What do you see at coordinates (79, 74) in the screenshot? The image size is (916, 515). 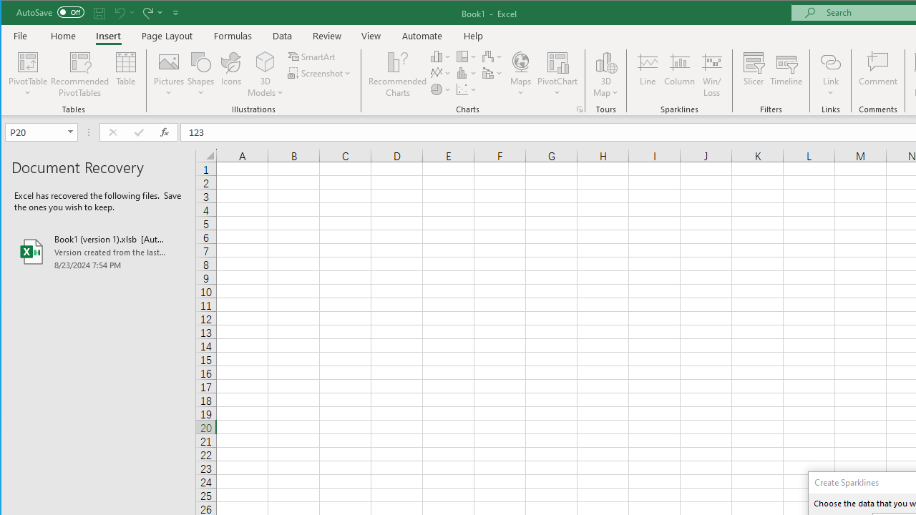 I see `'Recommended PivotTables'` at bounding box center [79, 74].